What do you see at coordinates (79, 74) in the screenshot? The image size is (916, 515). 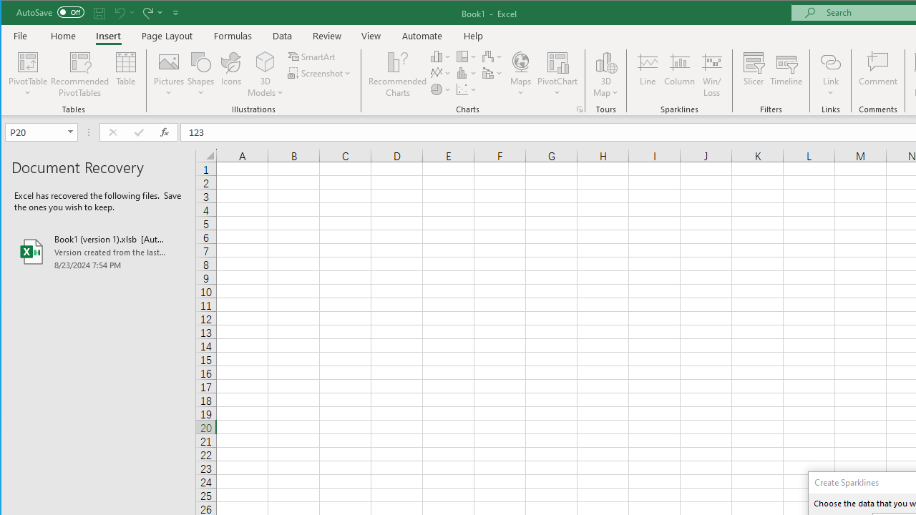 I see `'Recommended PivotTables'` at bounding box center [79, 74].